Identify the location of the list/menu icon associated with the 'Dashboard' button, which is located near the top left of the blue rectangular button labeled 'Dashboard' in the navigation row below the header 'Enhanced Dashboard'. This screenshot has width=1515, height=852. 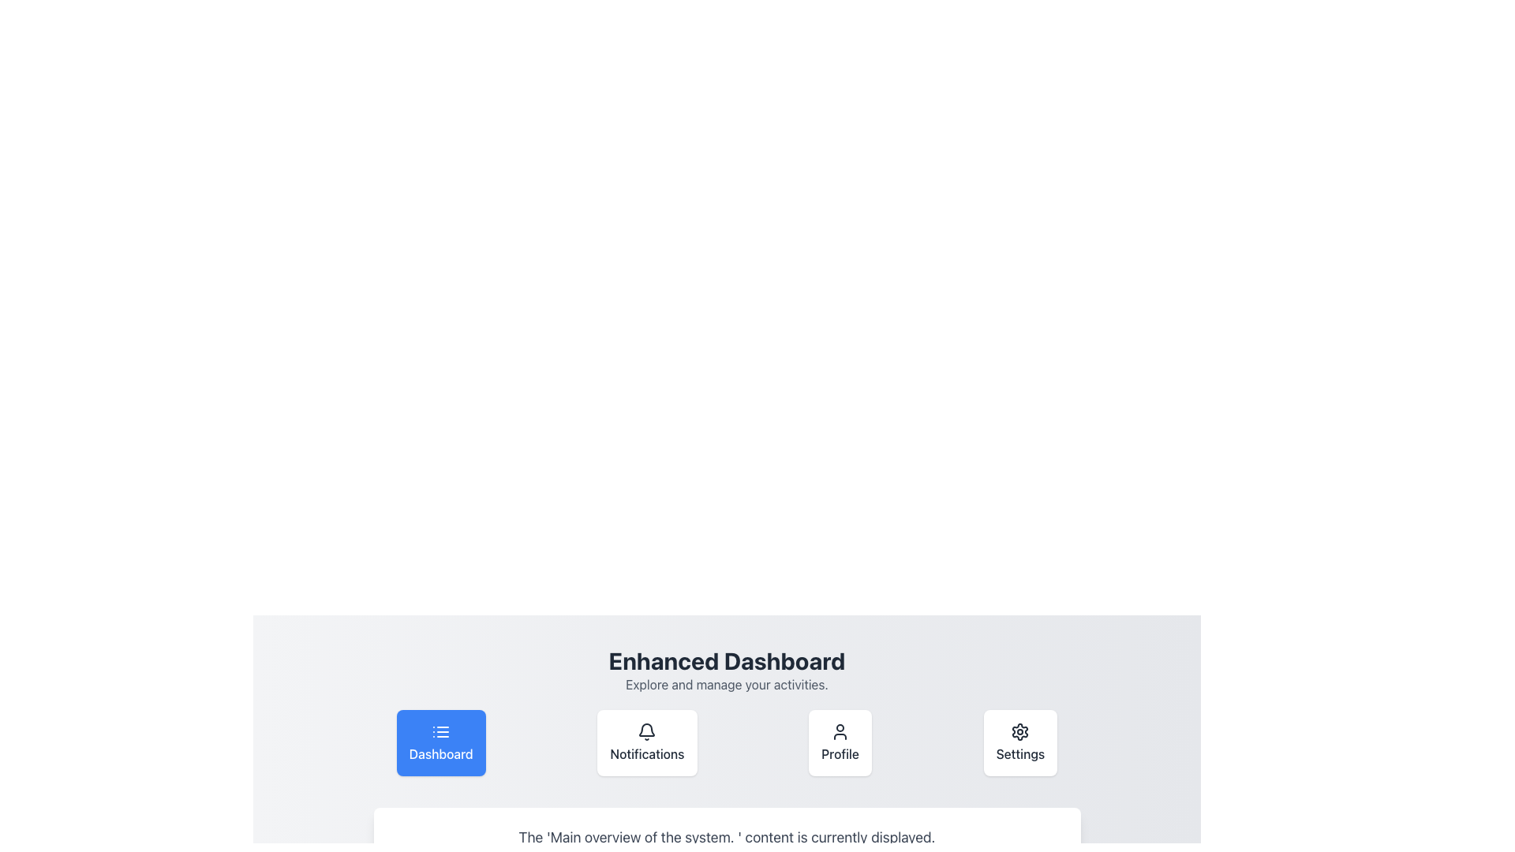
(441, 732).